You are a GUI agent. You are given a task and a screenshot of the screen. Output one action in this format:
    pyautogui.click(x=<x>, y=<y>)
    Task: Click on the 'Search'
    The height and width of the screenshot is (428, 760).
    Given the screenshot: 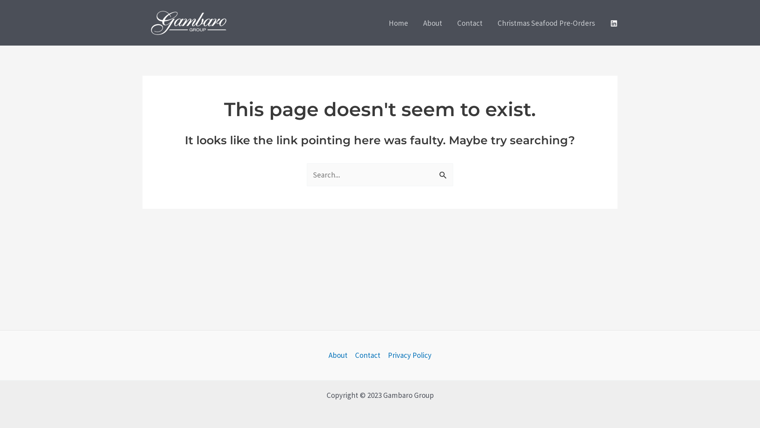 What is the action you would take?
    pyautogui.click(x=444, y=172)
    